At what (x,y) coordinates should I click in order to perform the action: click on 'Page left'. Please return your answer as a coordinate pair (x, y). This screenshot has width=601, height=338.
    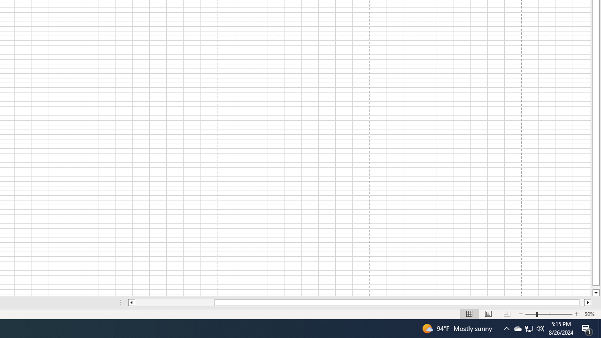
    Looking at the image, I should click on (175, 302).